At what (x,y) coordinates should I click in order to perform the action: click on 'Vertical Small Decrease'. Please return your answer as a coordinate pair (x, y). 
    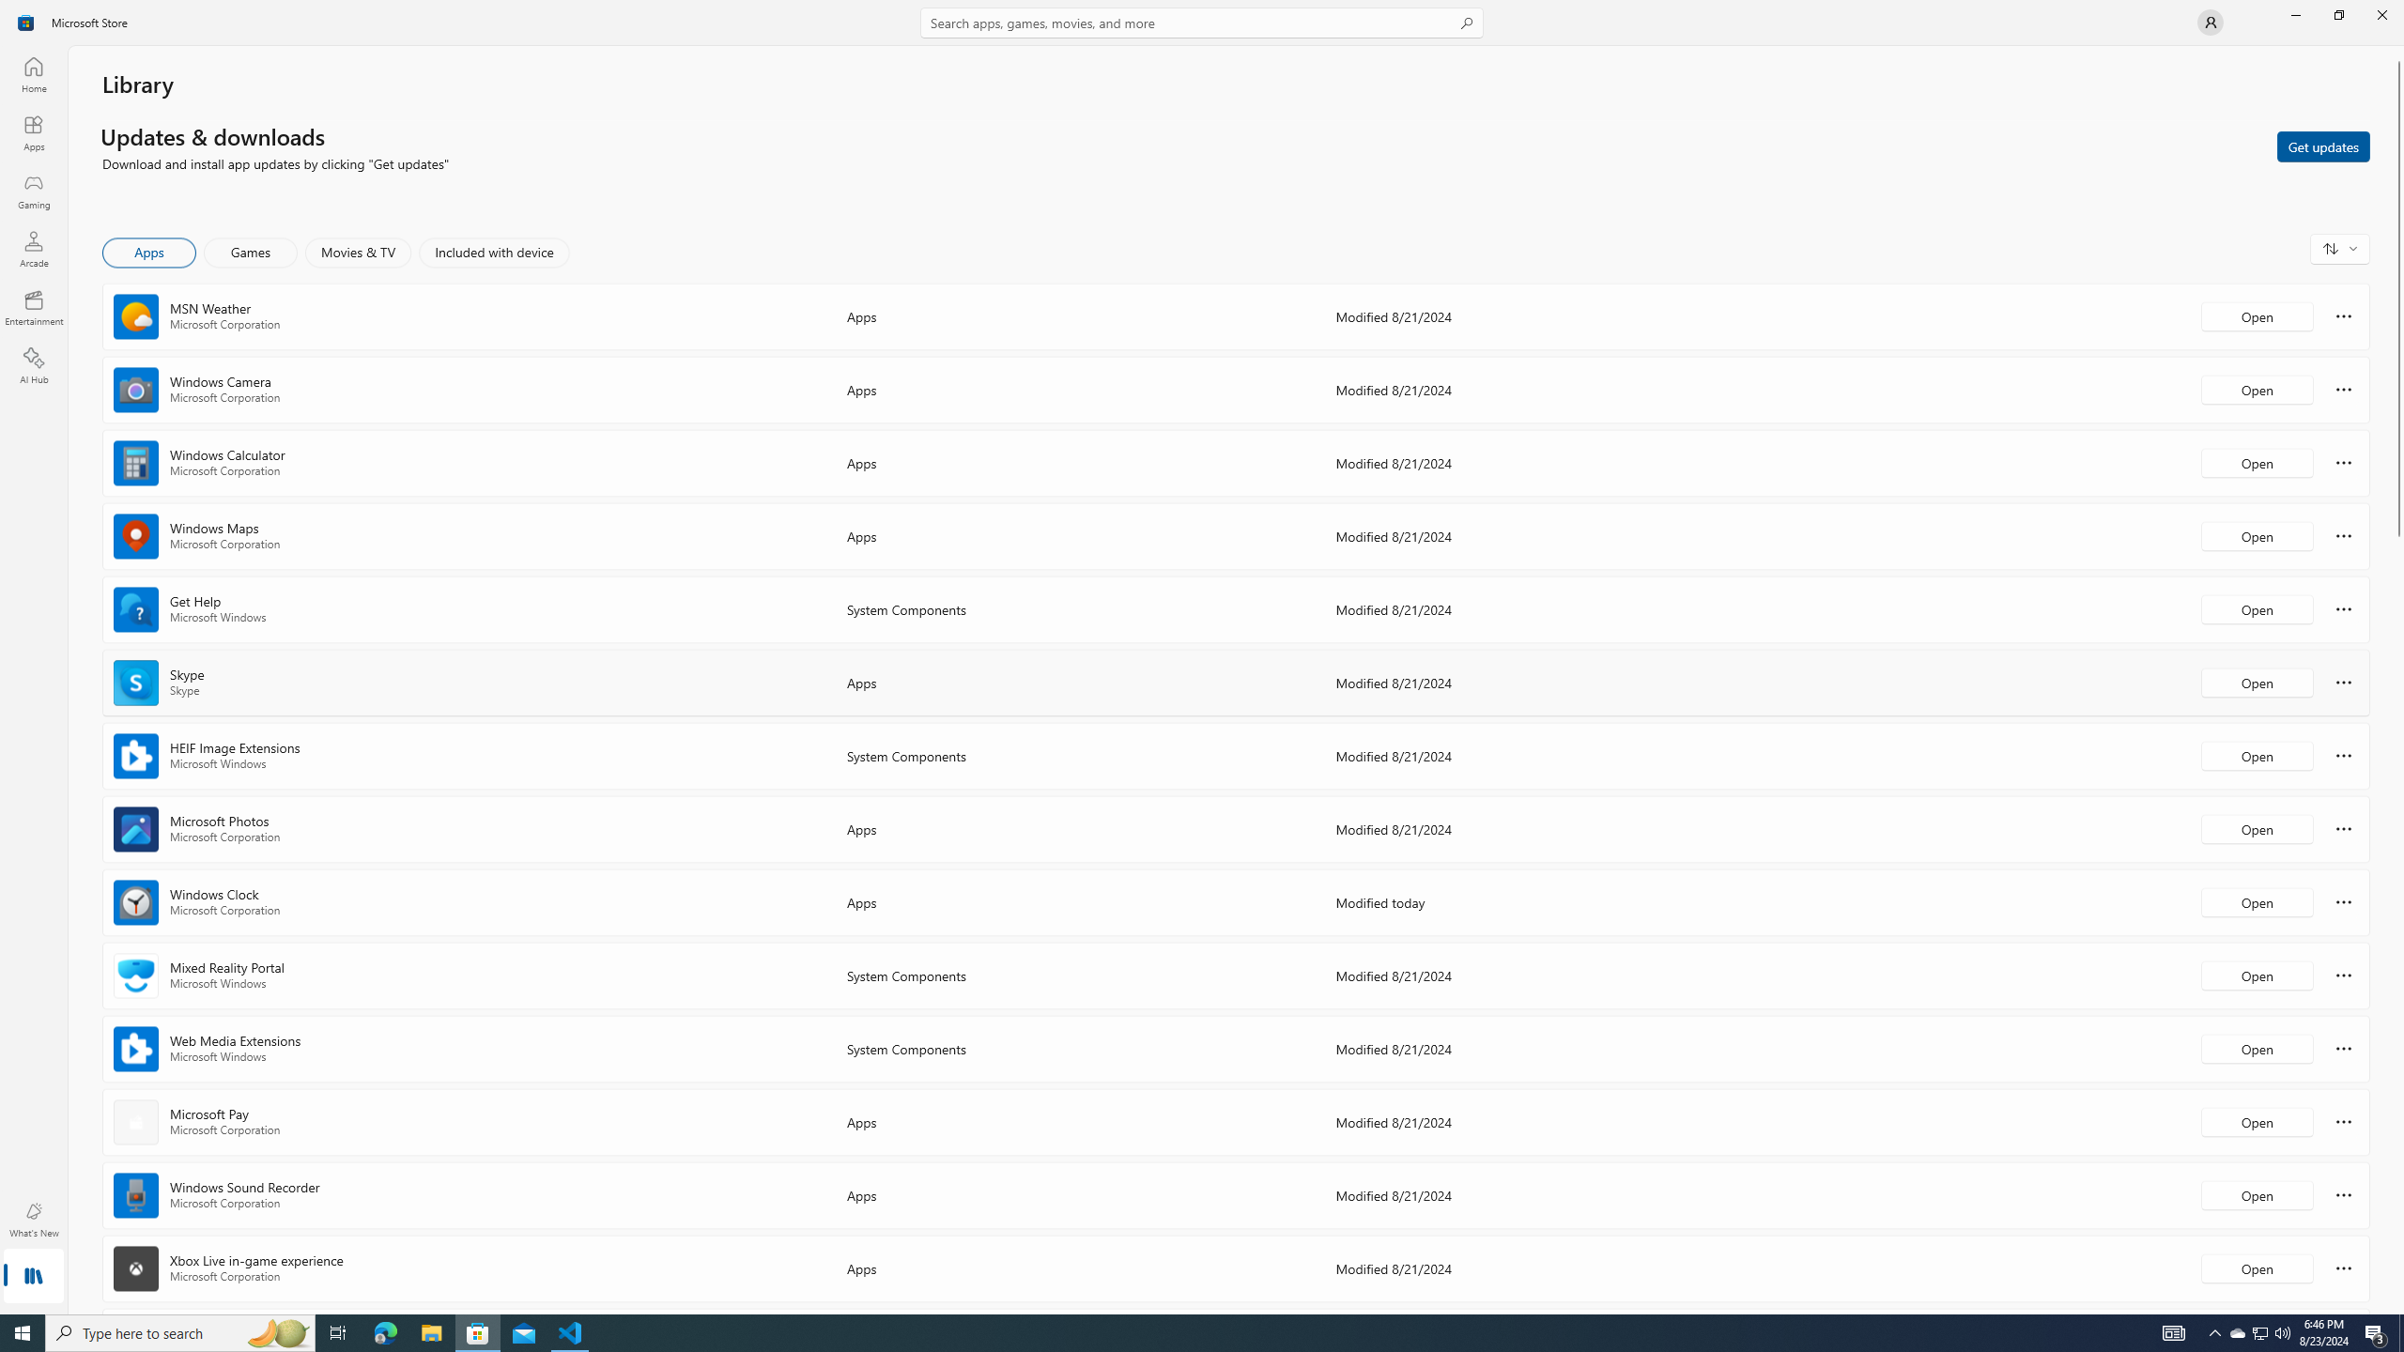
    Looking at the image, I should click on (2396, 52).